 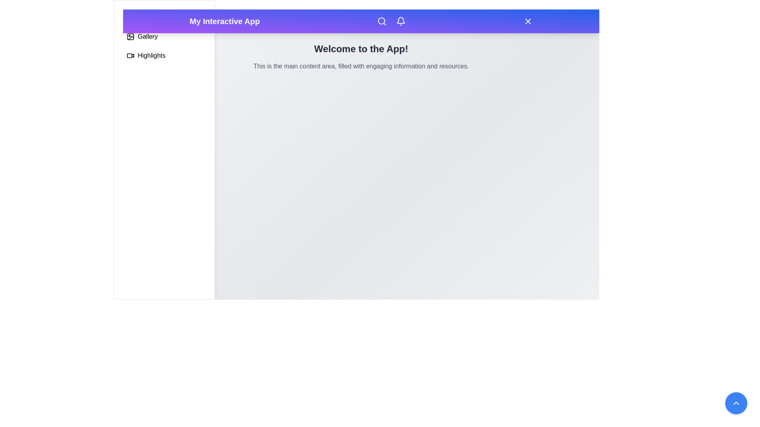 I want to click on the 'Gallery' text label located in the sidebar, below the header, so click(x=148, y=36).